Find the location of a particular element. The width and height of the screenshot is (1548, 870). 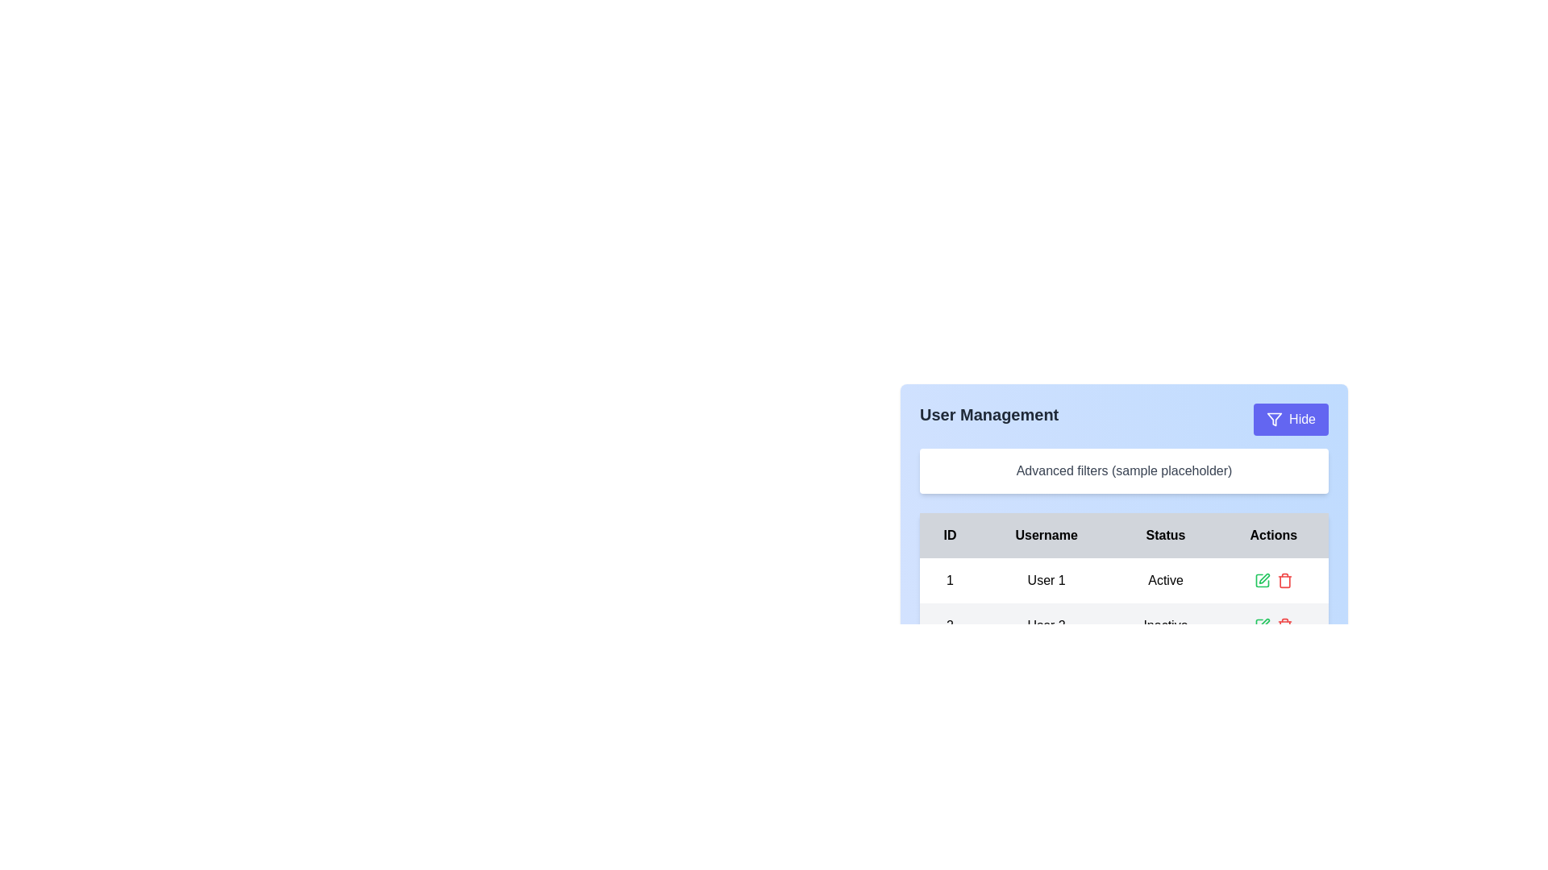

the text label displaying 'User 2' which is centrally aligned in the 'Username' column of the table is located at coordinates (1047, 624).